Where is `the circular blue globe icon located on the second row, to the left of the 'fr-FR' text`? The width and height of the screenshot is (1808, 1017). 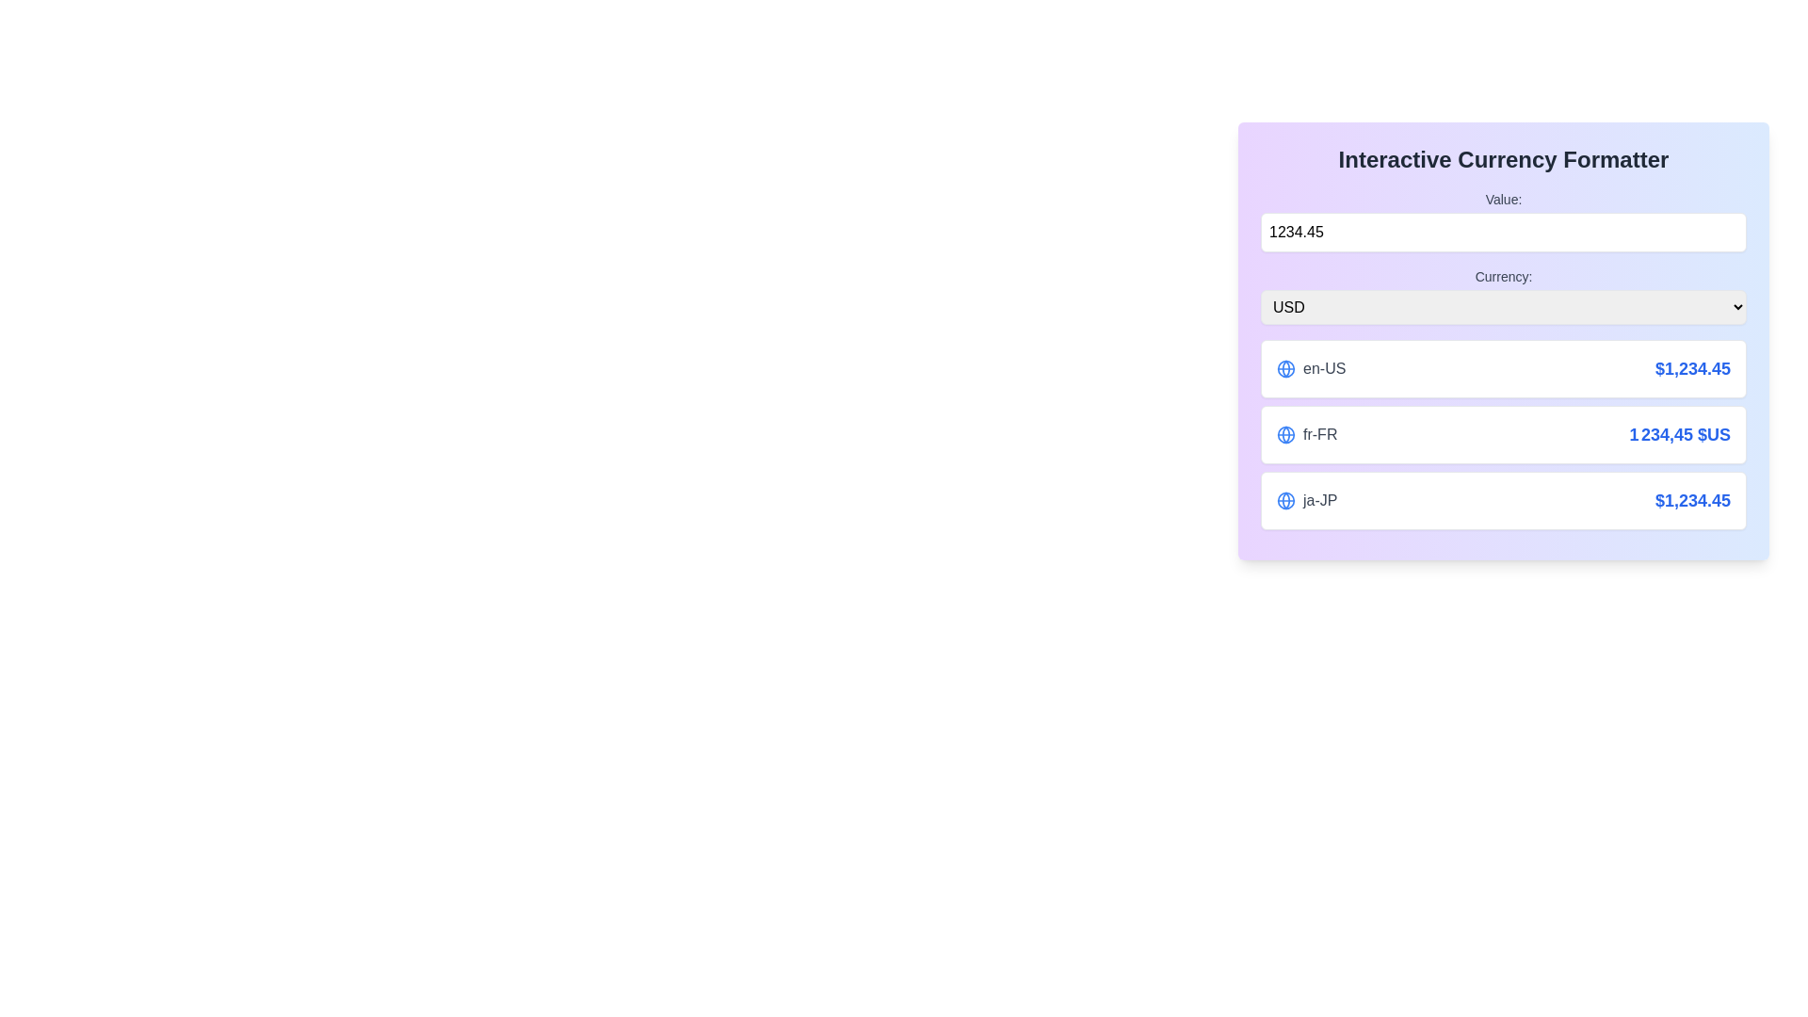
the circular blue globe icon located on the second row, to the left of the 'fr-FR' text is located at coordinates (1285, 435).